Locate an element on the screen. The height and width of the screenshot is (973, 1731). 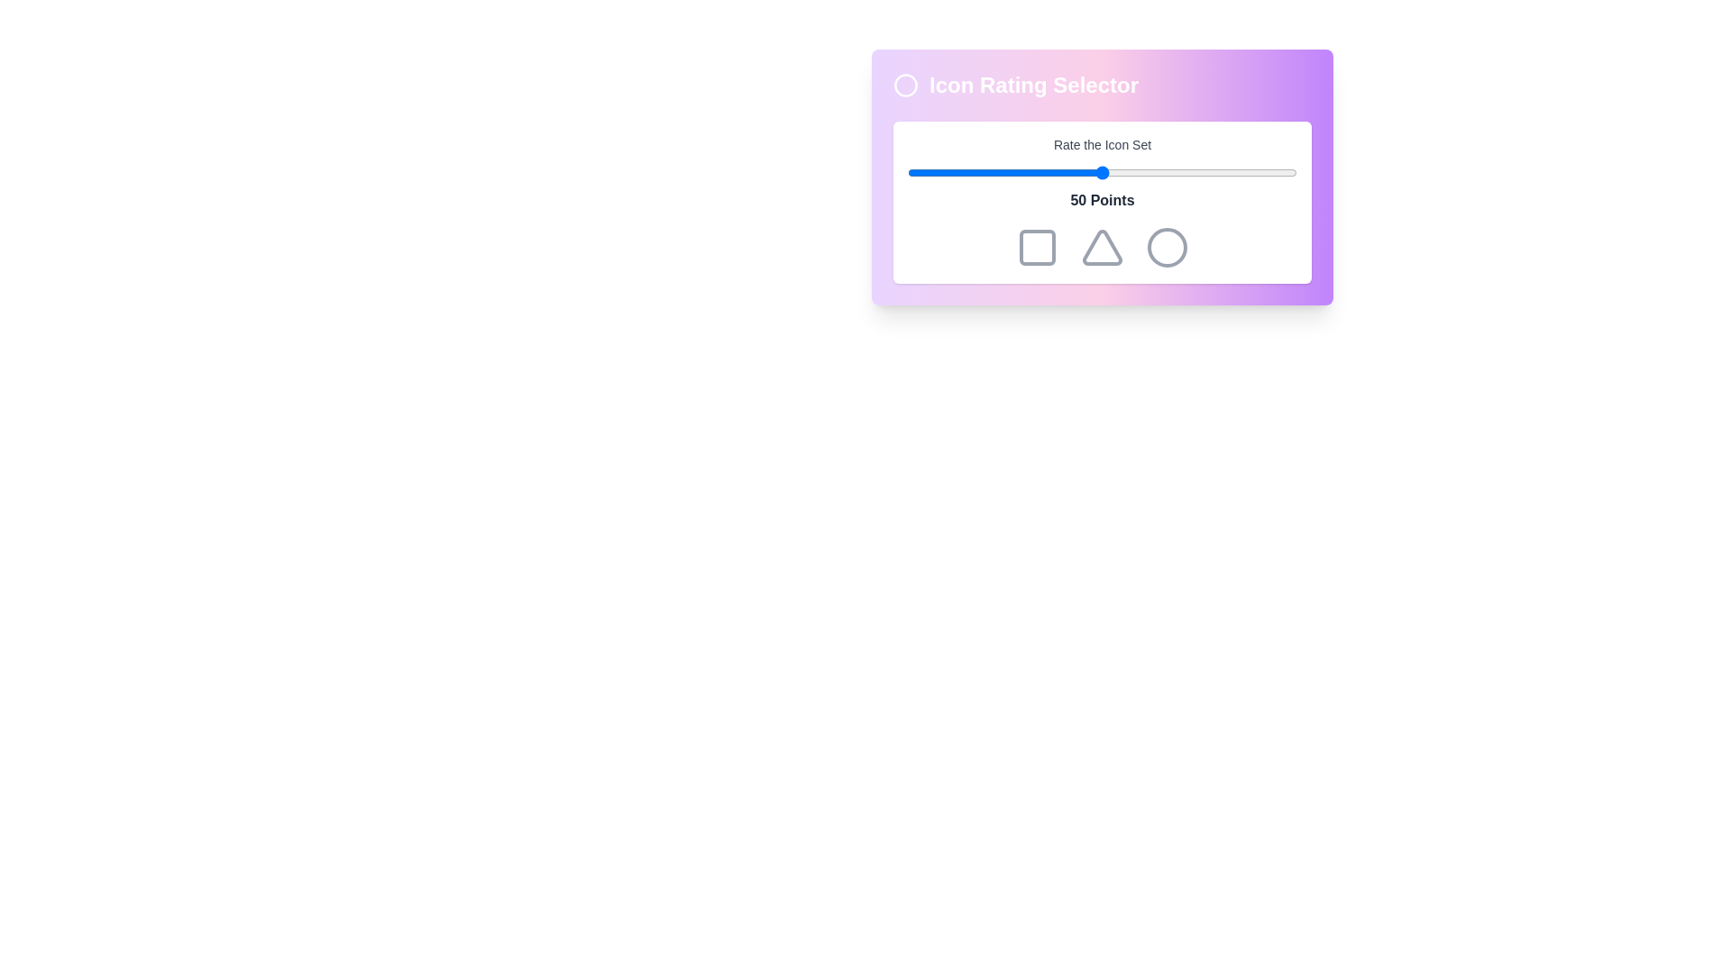
the slider to 39 percent to observe the color changes of the icons is located at coordinates (1059, 173).